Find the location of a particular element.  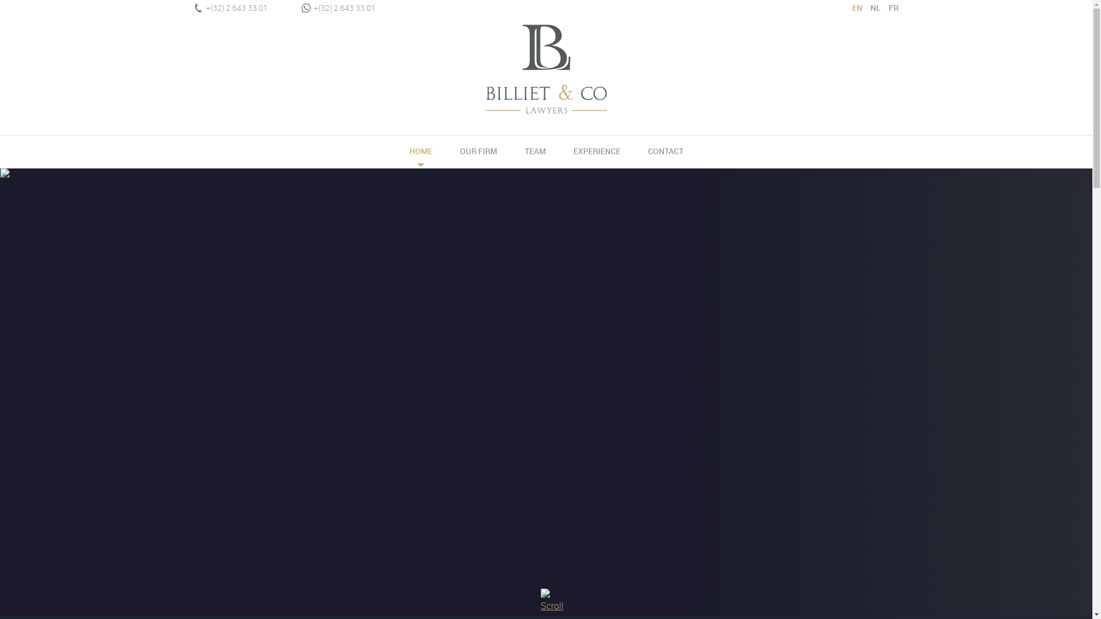

'+(32) 2 643 33 01' is located at coordinates (338, 8).